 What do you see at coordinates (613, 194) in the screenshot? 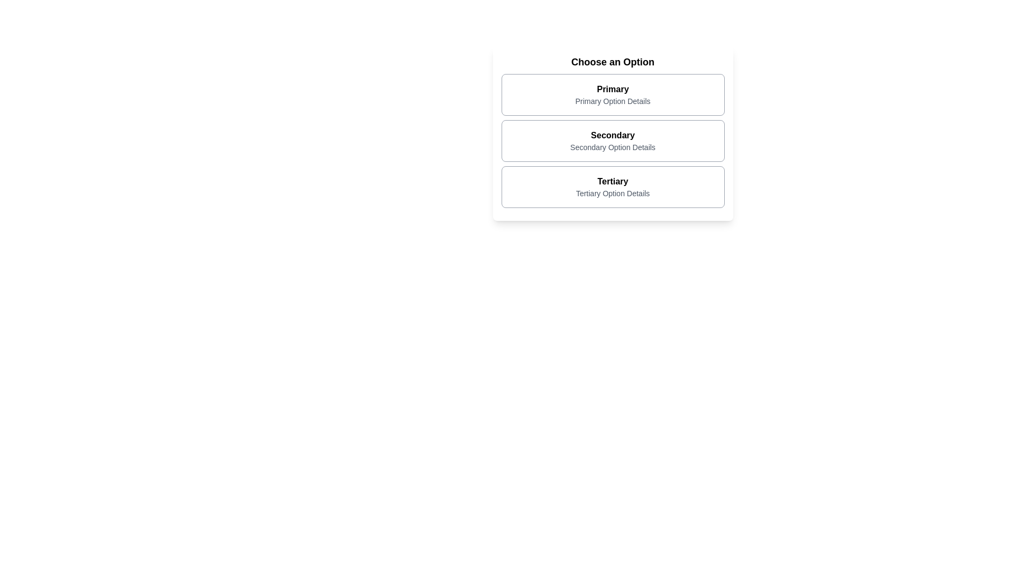
I see `the Text Label displaying 'Tertiary Option Details', which is styled in a smaller gray font and positioned below the 'Tertiary' title` at bounding box center [613, 194].